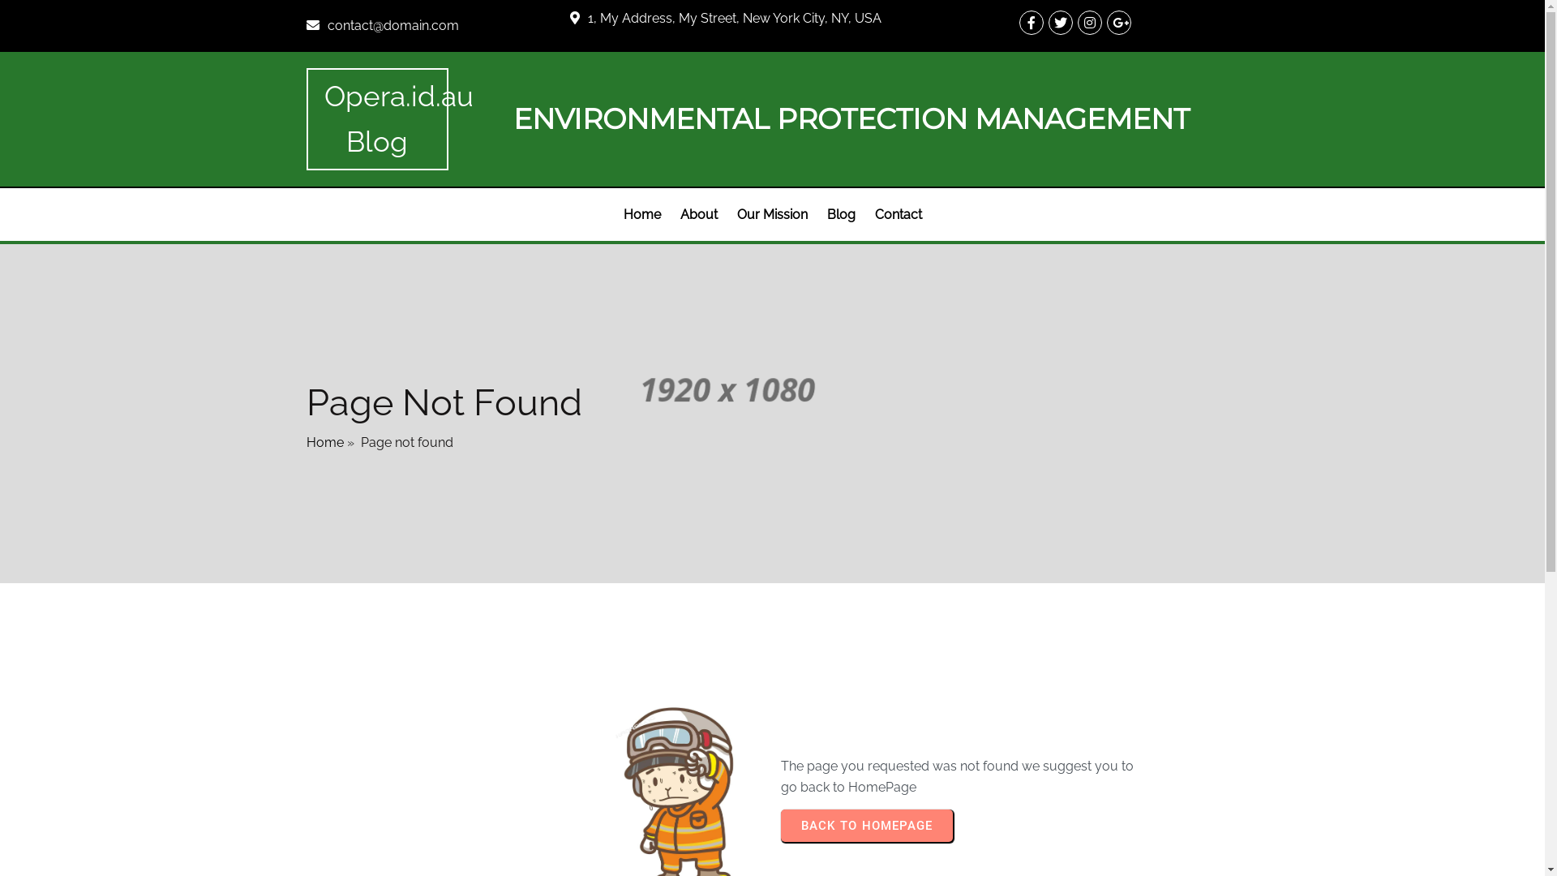 The image size is (1557, 876). I want to click on 'Contact', so click(897, 214).